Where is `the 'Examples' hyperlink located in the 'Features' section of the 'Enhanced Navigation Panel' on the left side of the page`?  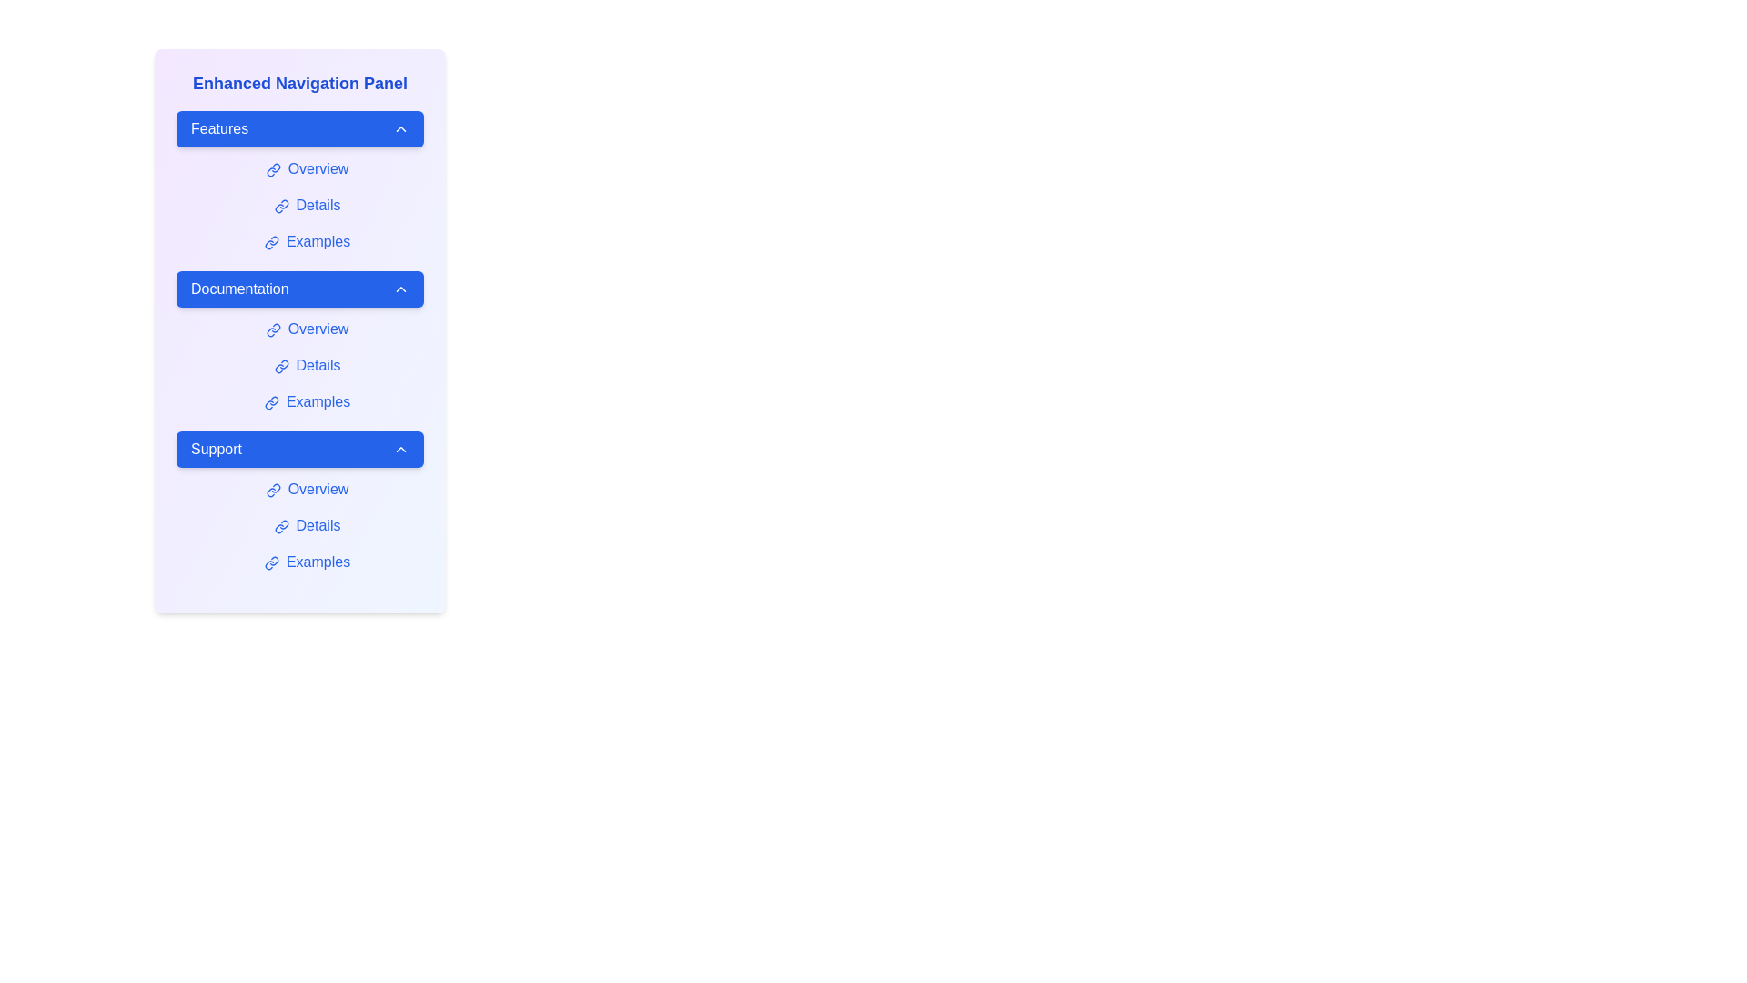 the 'Examples' hyperlink located in the 'Features' section of the 'Enhanced Navigation Panel' on the left side of the page is located at coordinates (307, 241).